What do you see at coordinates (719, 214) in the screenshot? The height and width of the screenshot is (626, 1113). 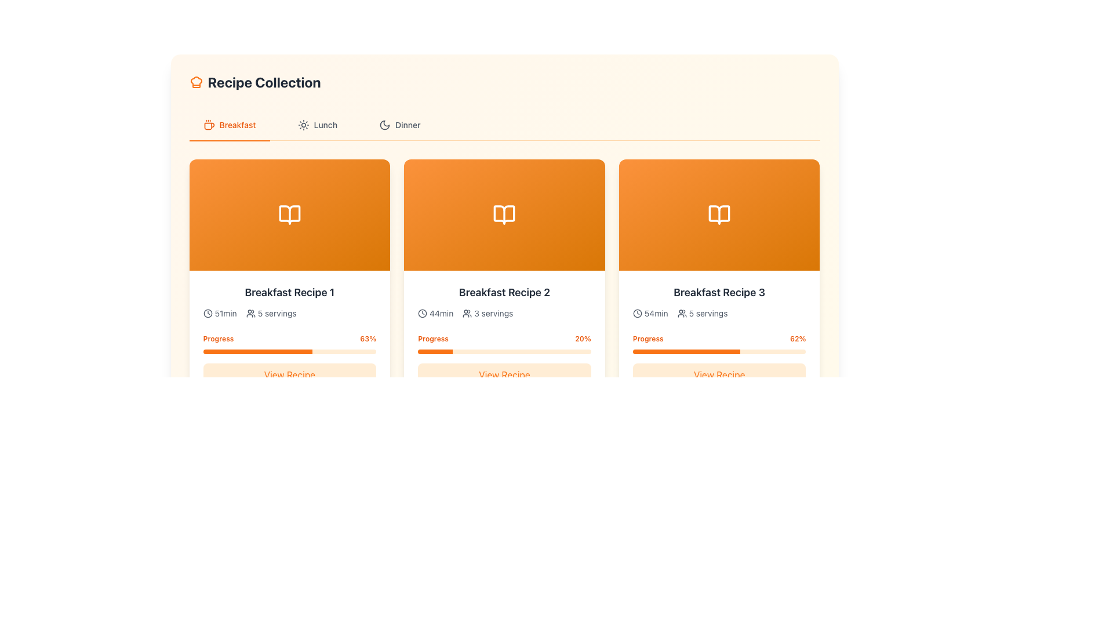 I see `the graphic icon resembling an open book located inside the 'Breakfast Recipe 3' card, positioned at the top middle of the card` at bounding box center [719, 214].